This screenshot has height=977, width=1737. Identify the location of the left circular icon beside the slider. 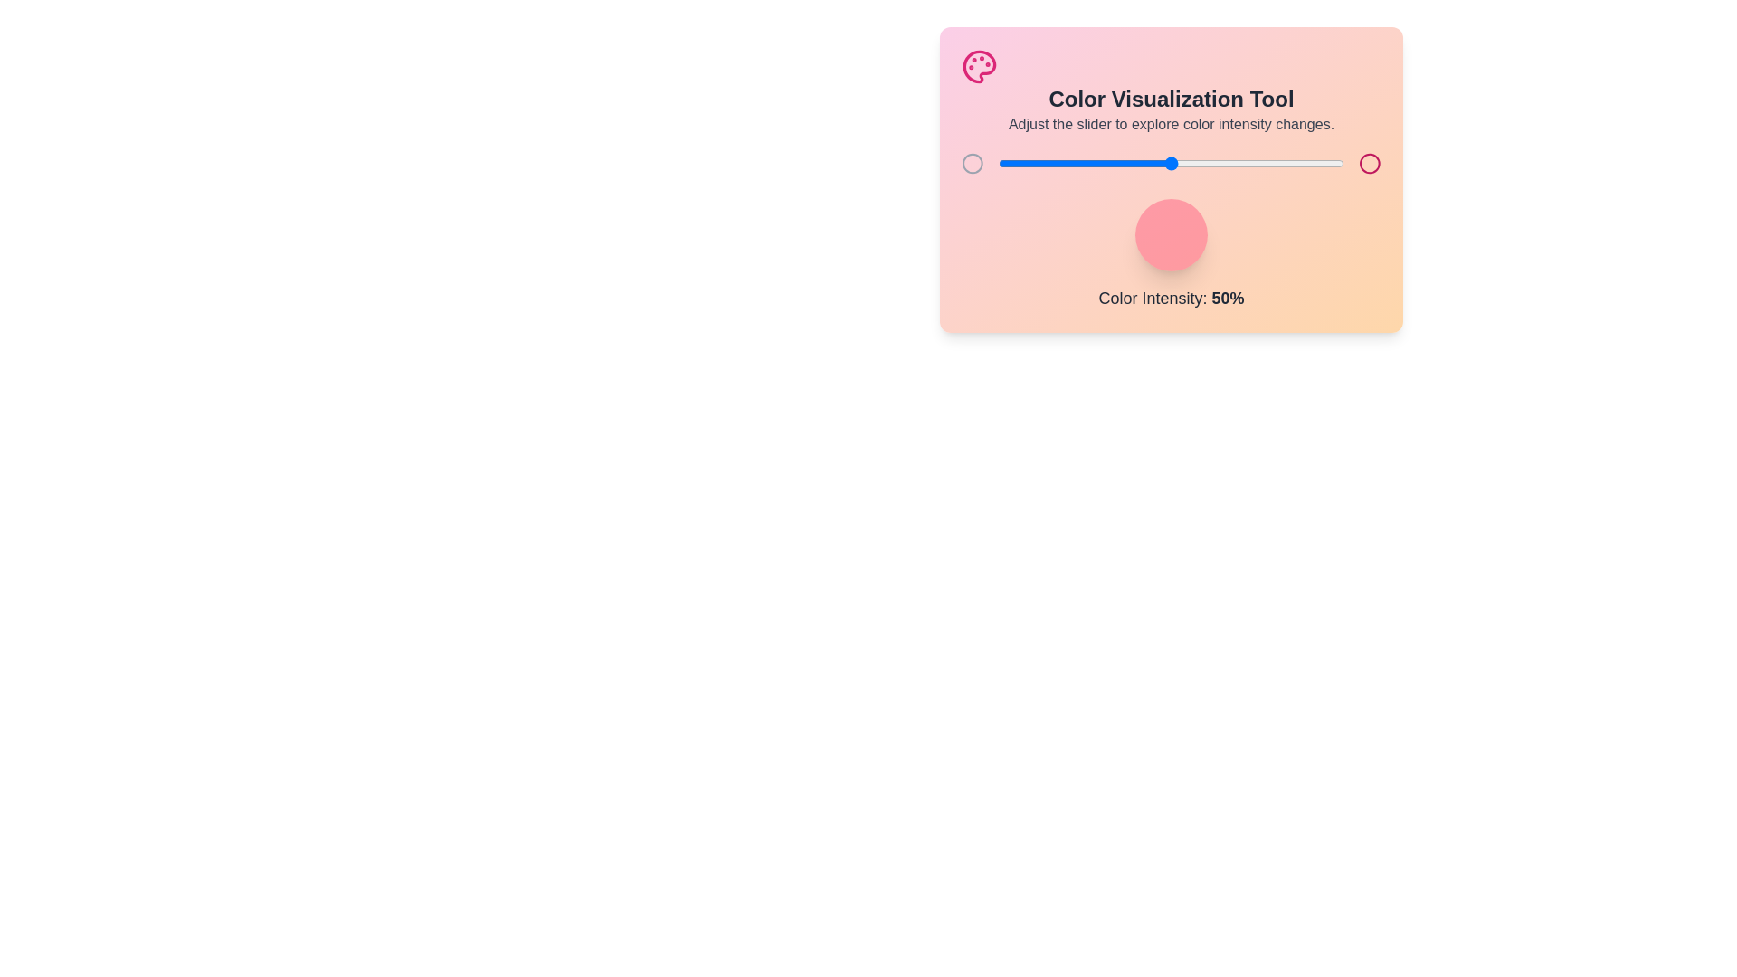
(972, 164).